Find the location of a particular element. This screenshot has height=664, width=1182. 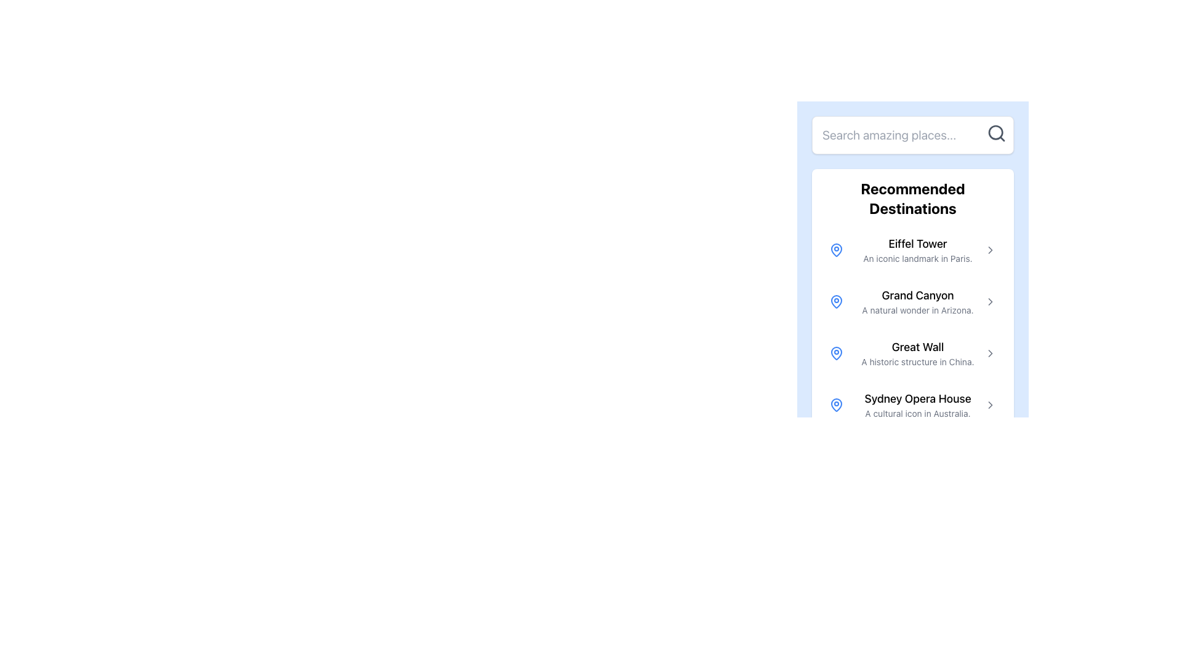

the Text Label providing supplementary information about the 'Eiffel Tower' destination, located below the title 'Eiffel Tower' and to the left of the entry's icon is located at coordinates (918, 258).